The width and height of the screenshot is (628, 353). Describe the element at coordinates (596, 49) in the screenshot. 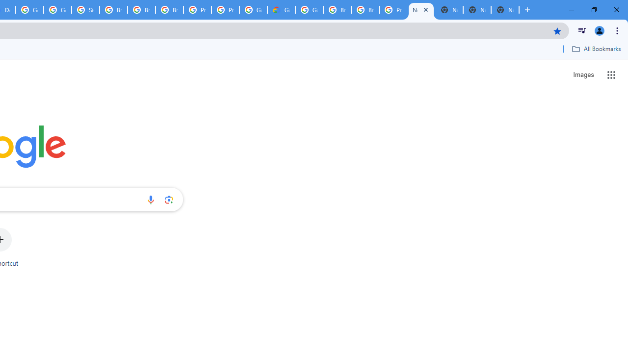

I see `'All Bookmarks'` at that location.